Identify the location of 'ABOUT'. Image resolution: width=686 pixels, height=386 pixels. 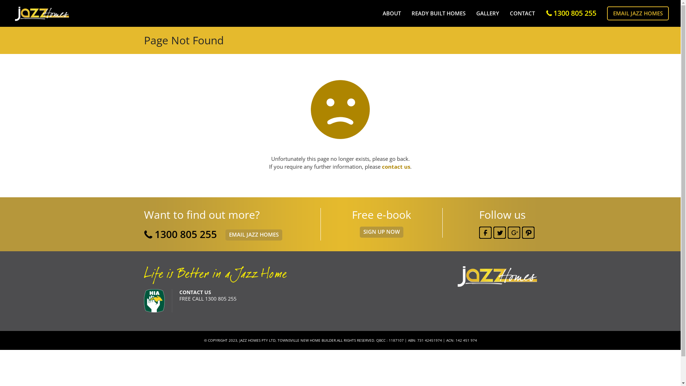
(391, 13).